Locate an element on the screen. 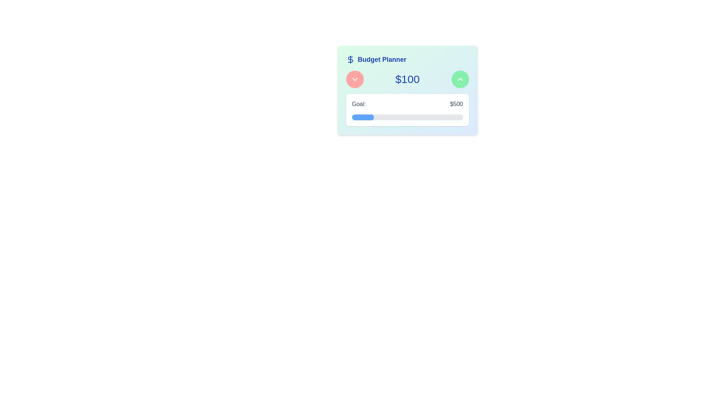  the upward-pointing chevron icon embedded in the green circular button on the 'Budget Planner' card for keyboard navigation is located at coordinates (460, 79).